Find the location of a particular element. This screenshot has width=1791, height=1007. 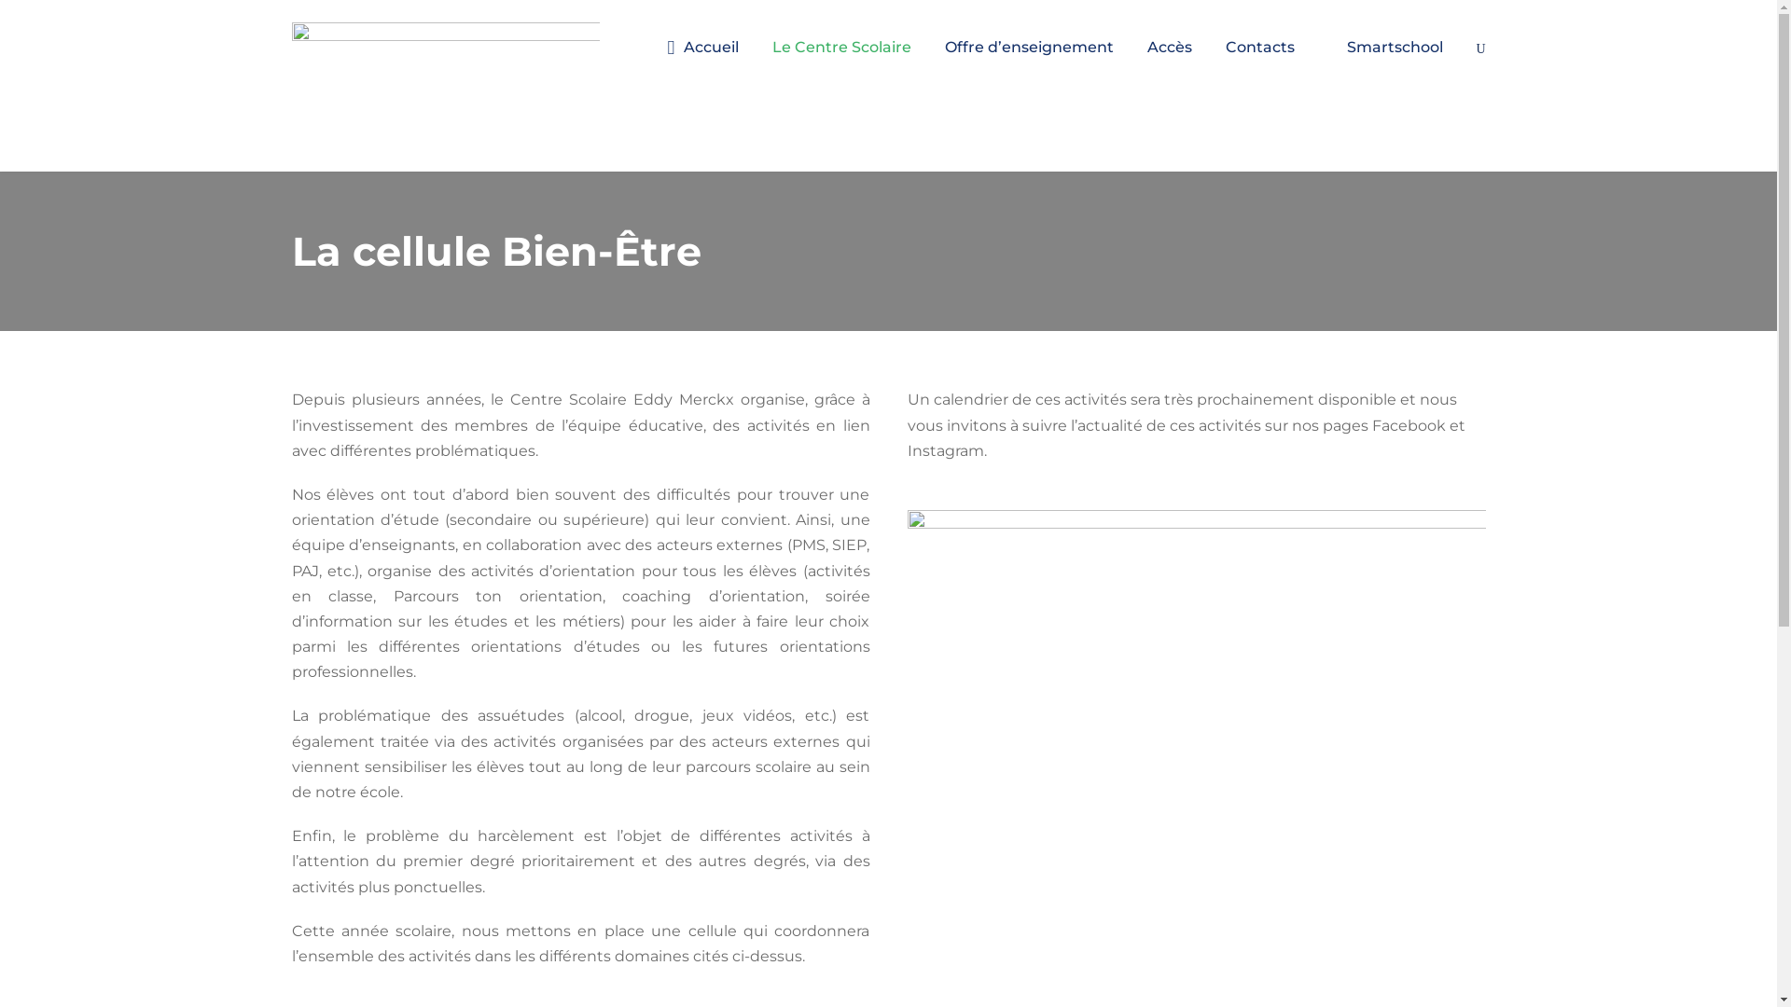

'Accueil' is located at coordinates (702, 62).